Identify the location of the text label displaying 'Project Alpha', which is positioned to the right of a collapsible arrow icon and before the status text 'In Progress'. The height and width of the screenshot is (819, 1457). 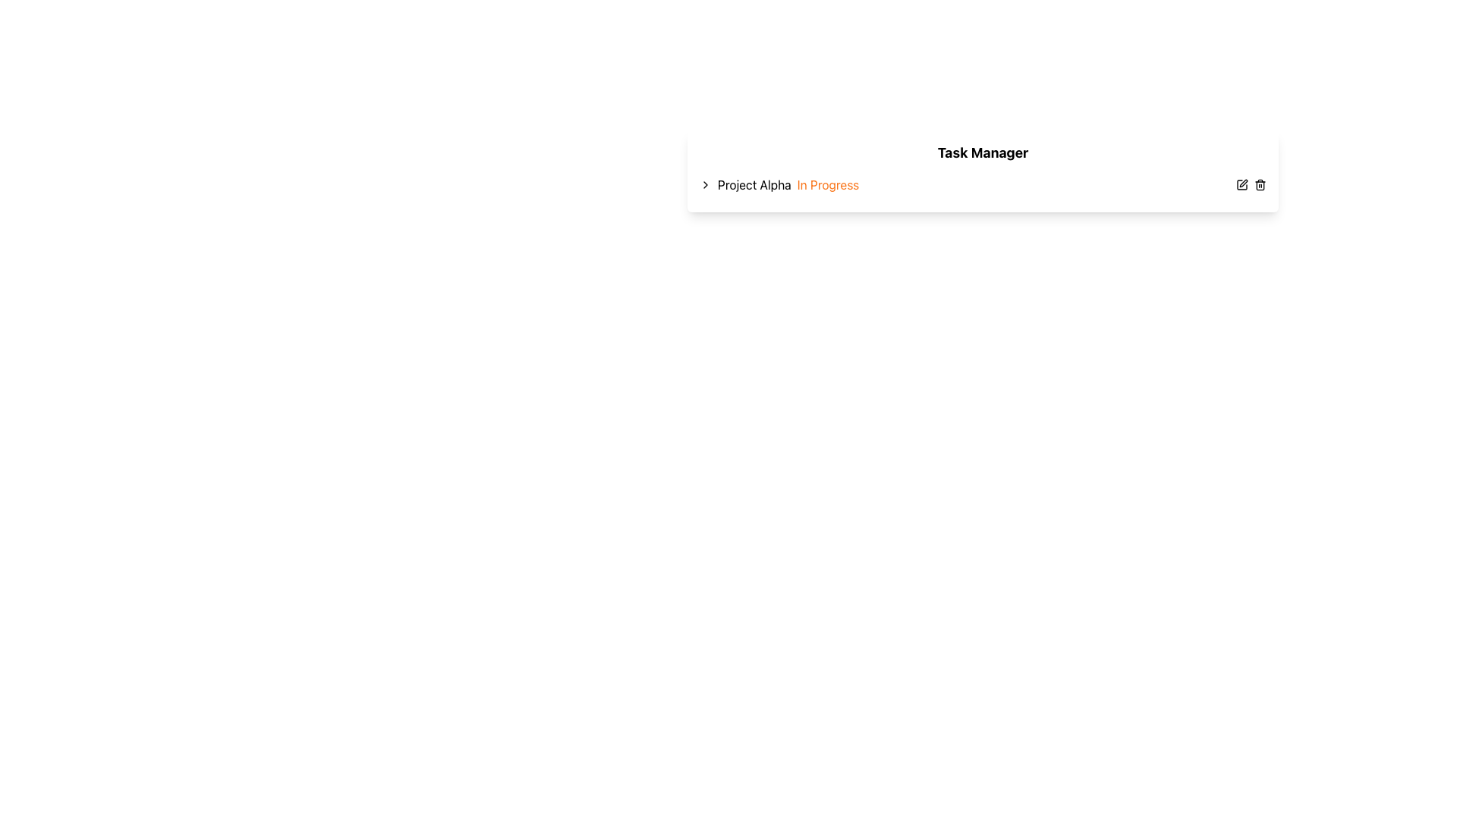
(754, 184).